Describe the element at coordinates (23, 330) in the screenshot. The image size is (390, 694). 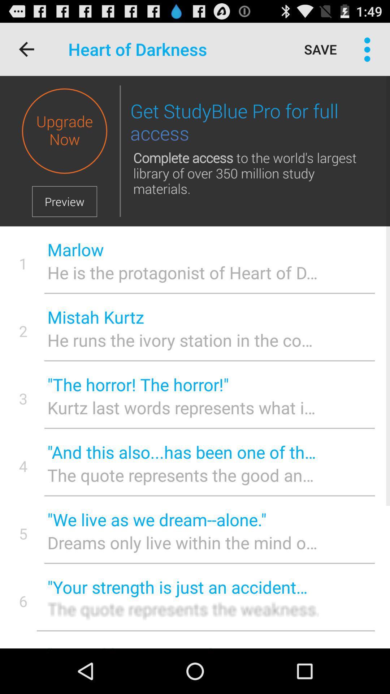
I see `2` at that location.